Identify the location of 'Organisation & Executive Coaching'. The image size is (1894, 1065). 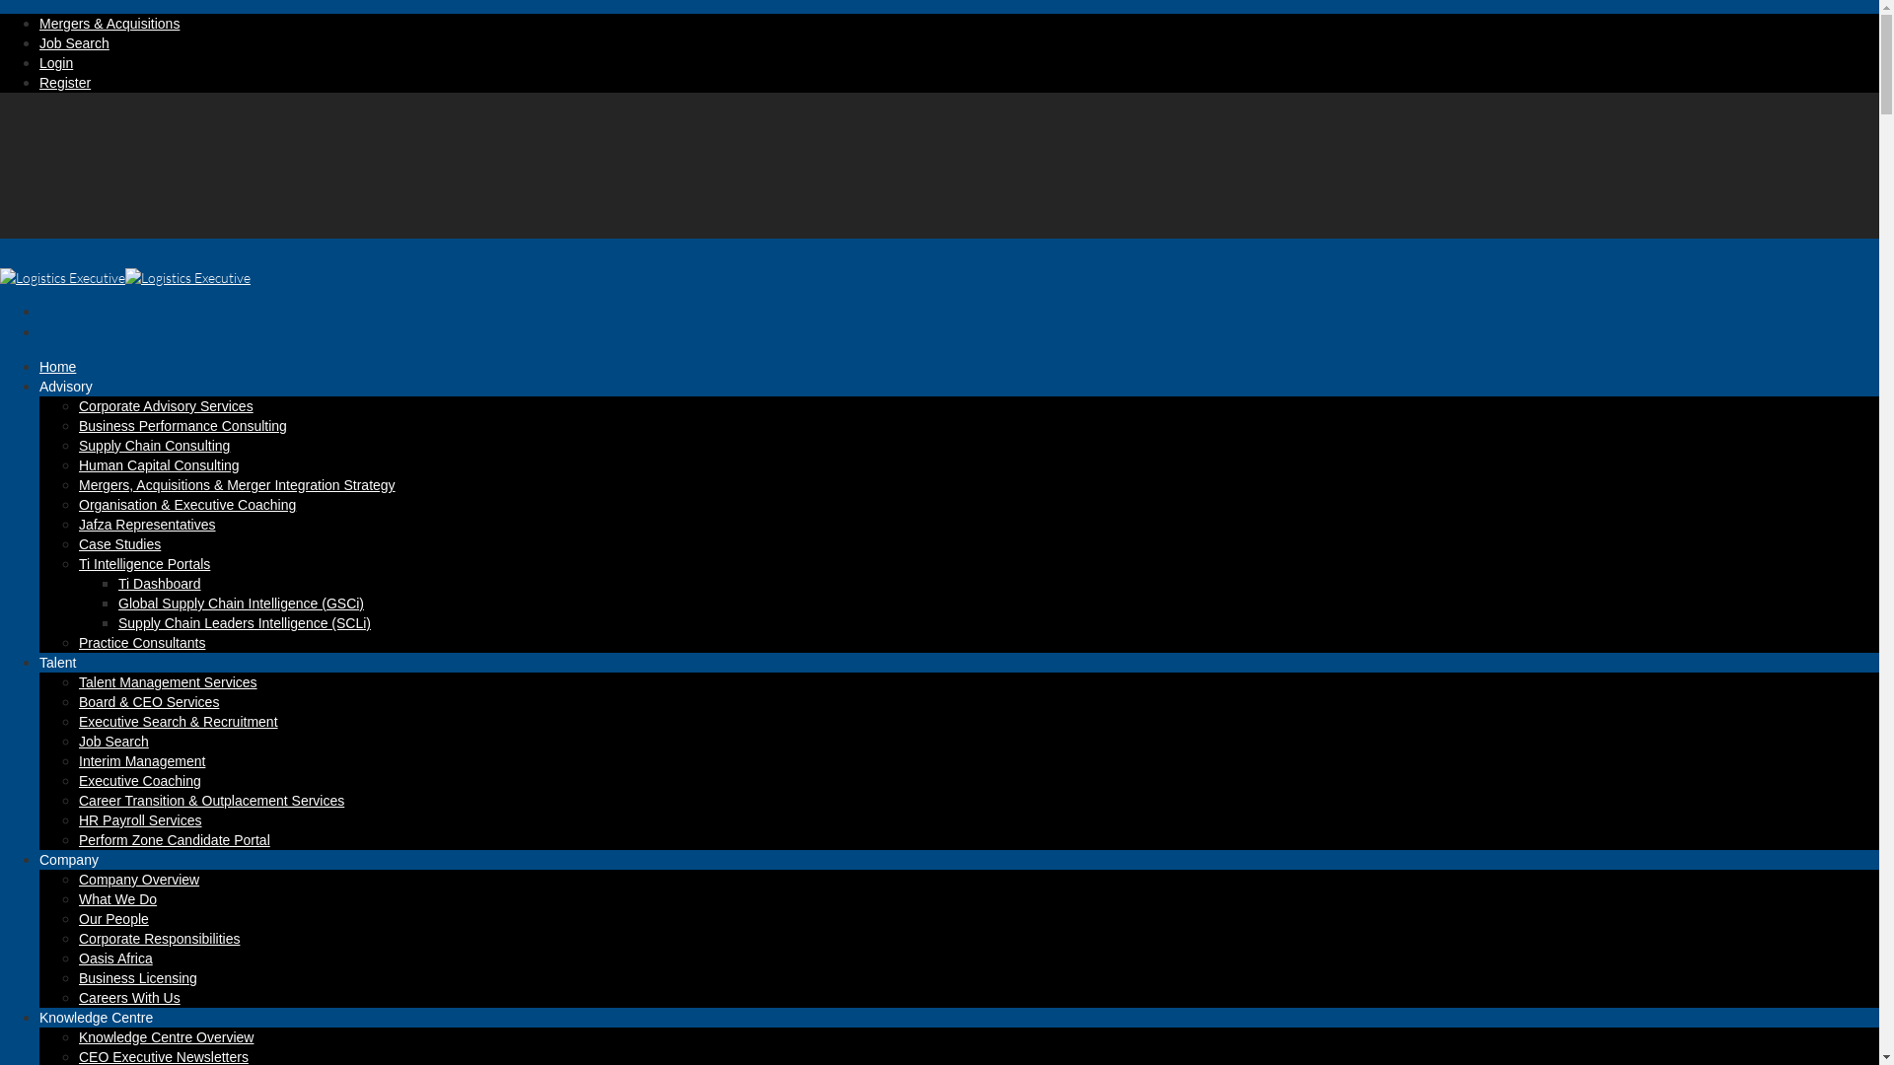
(187, 504).